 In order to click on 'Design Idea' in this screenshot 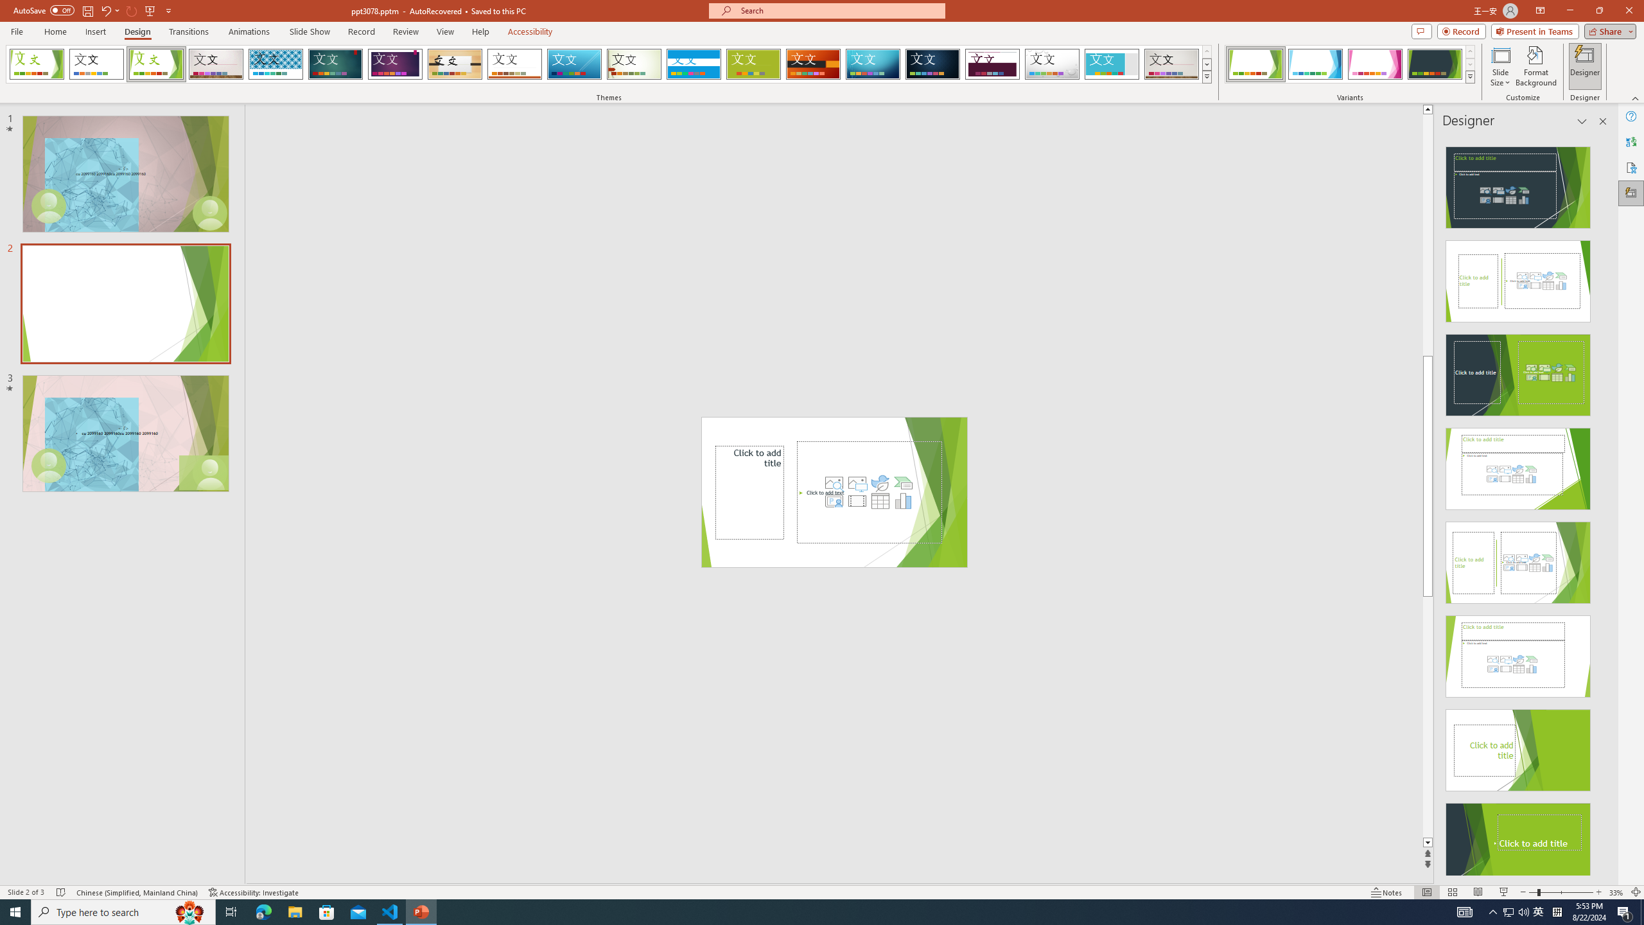, I will do `click(1518, 840)`.